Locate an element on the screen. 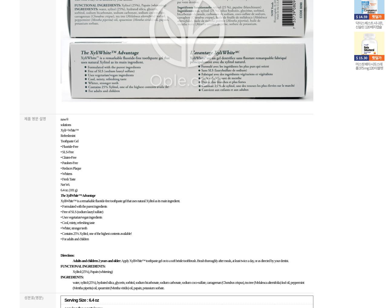 This screenshot has height=308, width=386. '6.4 oz' is located at coordinates (93, 300).